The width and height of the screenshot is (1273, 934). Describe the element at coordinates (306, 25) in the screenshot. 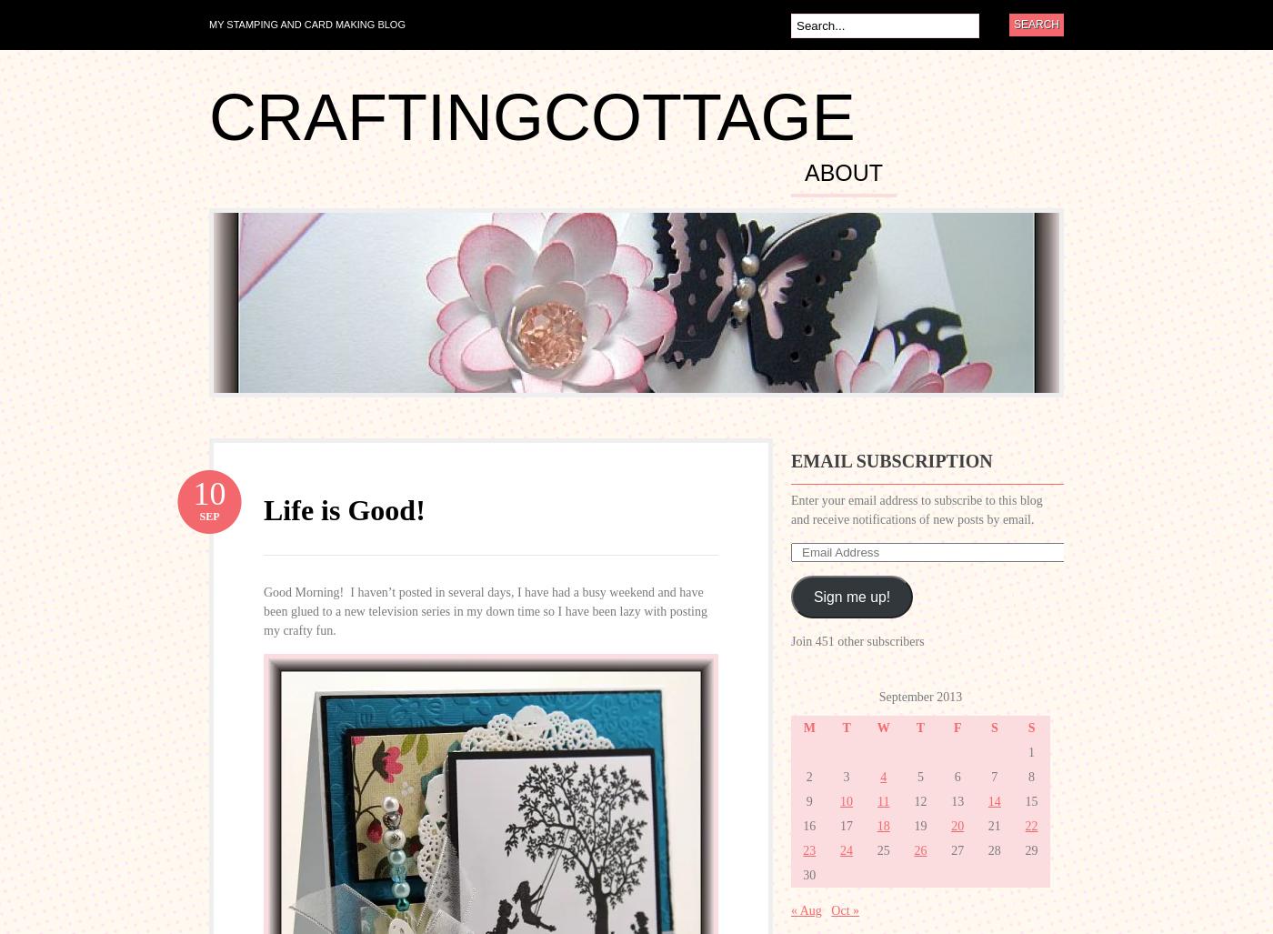

I see `'My Stamping and Card Making Blog'` at that location.